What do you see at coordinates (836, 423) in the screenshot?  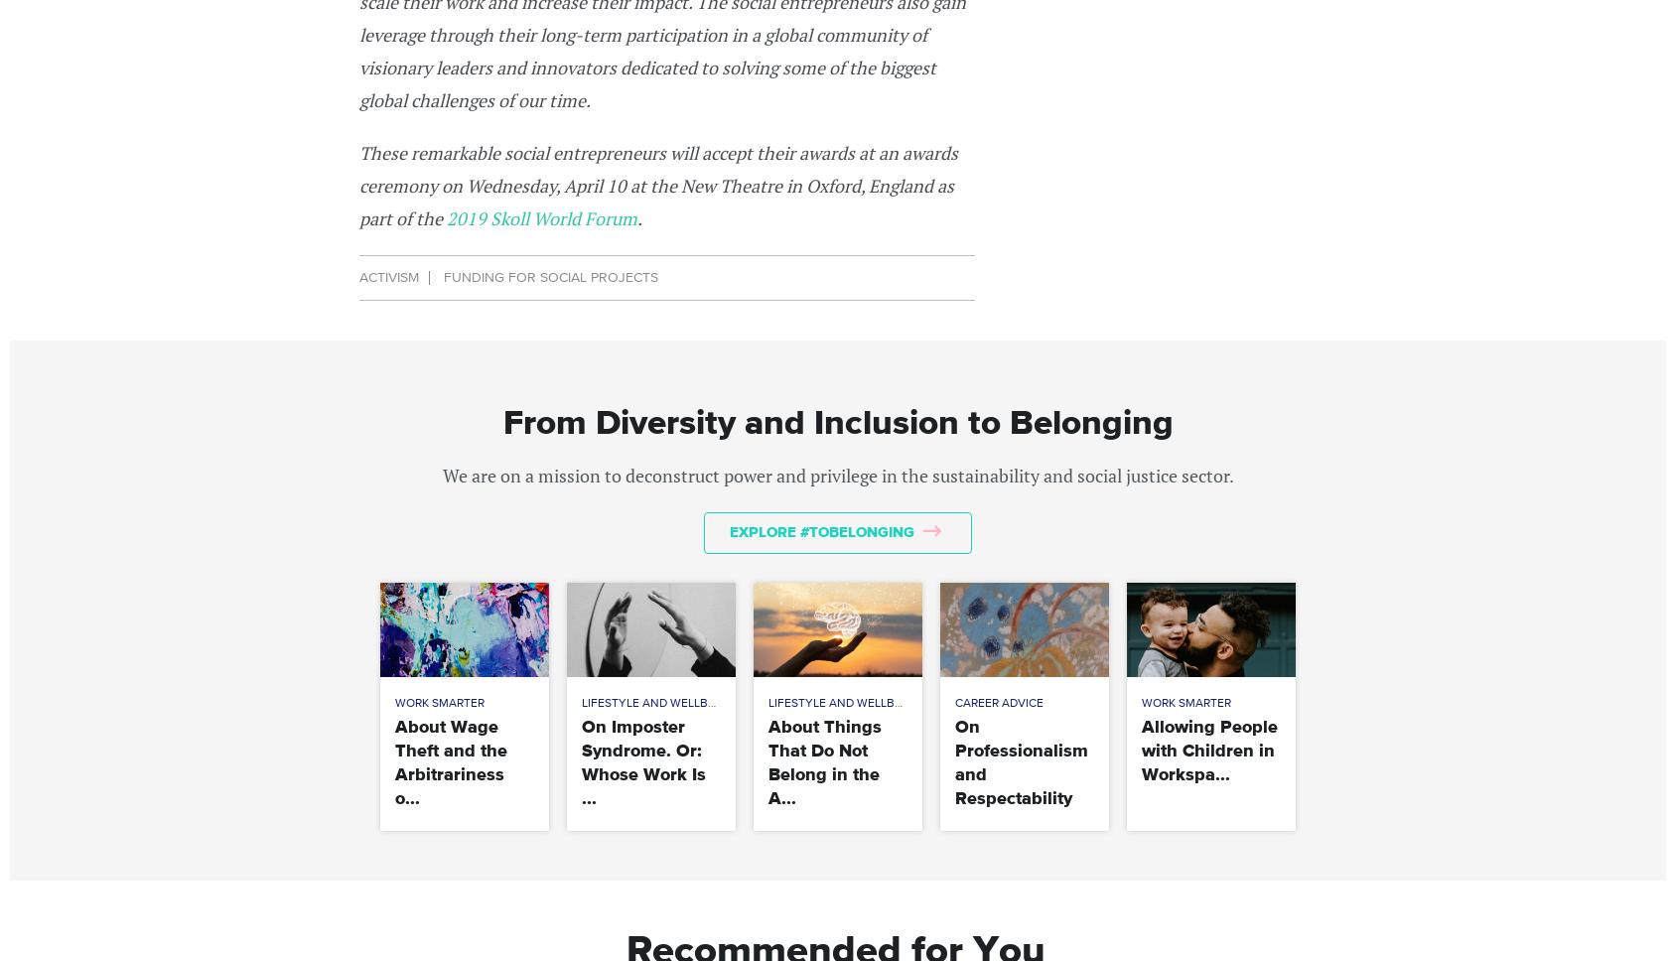 I see `'From Diversity and Inclusion to Belonging'` at bounding box center [836, 423].